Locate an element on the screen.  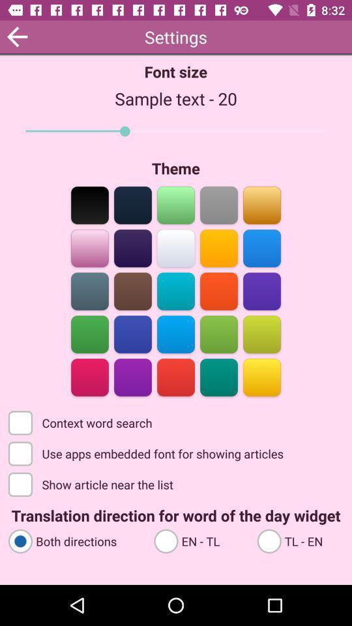
change theme to white is located at coordinates (176, 246).